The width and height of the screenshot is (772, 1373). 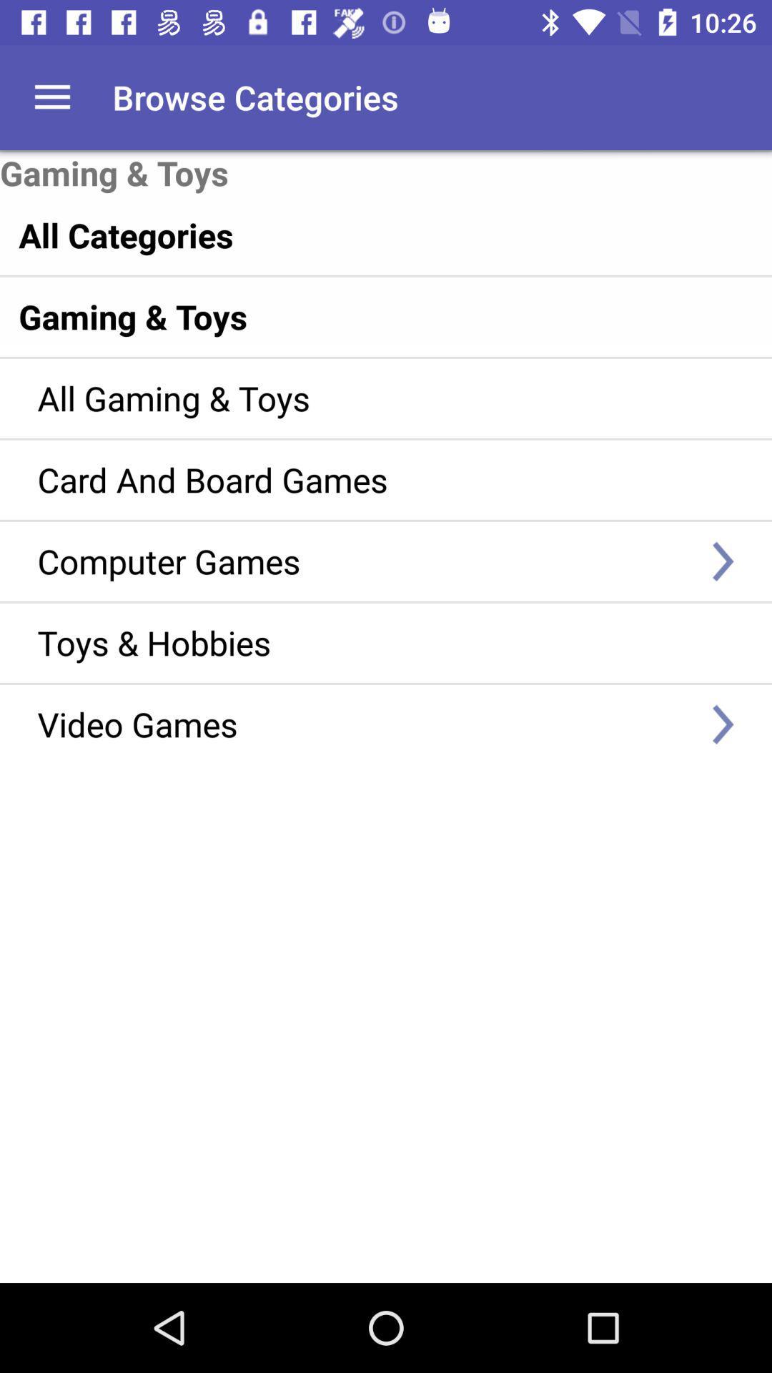 I want to click on the computer games item, so click(x=365, y=560).